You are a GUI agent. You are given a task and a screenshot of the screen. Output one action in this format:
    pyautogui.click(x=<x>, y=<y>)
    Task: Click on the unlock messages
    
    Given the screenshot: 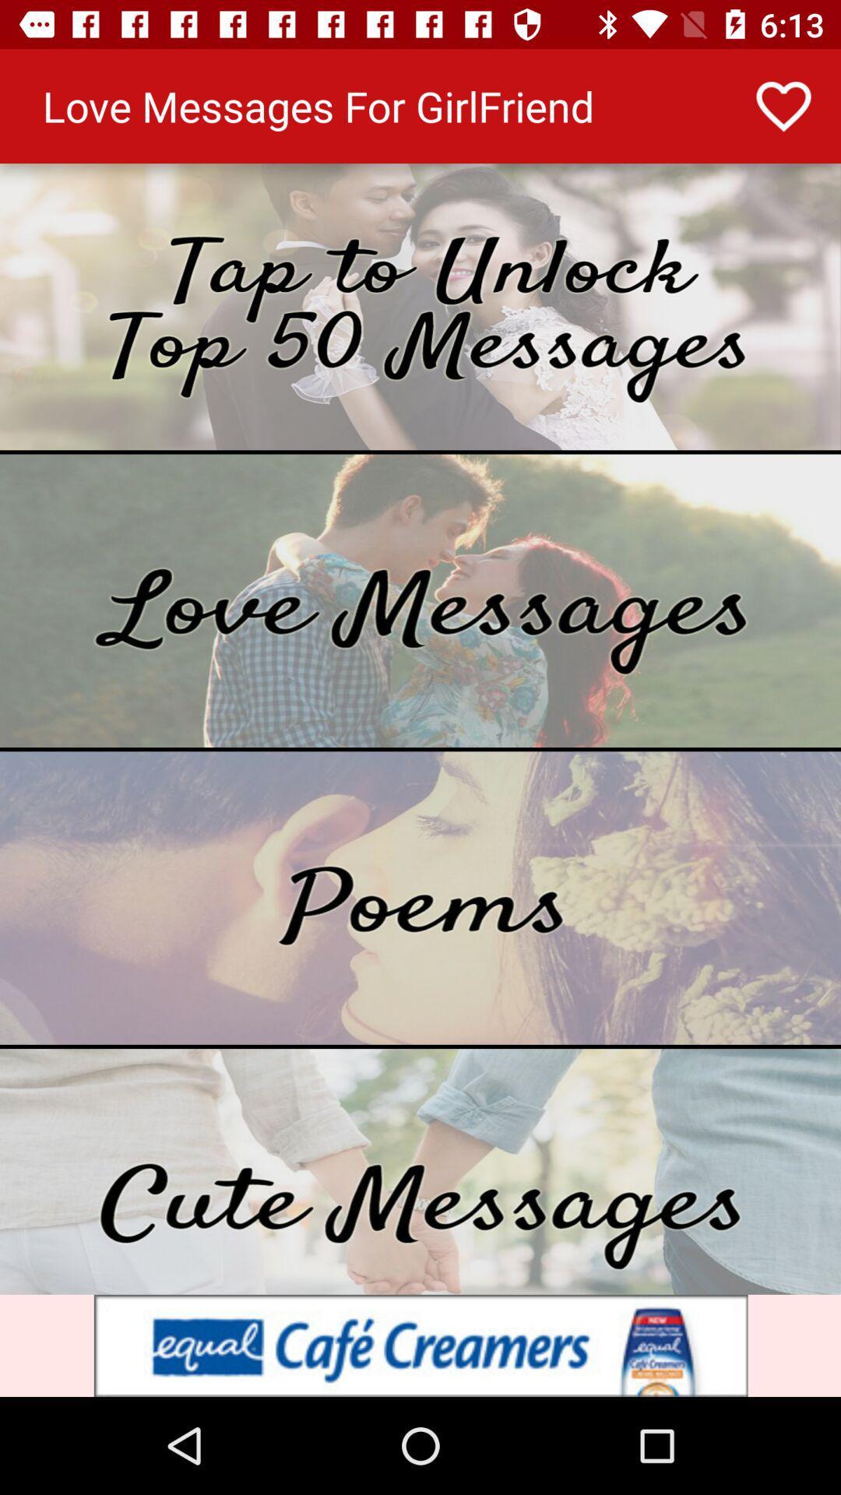 What is the action you would take?
    pyautogui.click(x=420, y=307)
    